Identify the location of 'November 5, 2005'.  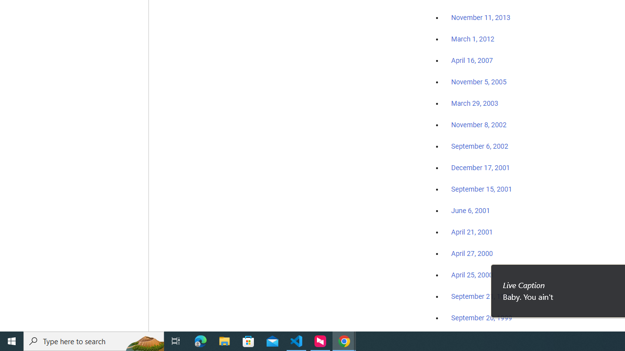
(479, 81).